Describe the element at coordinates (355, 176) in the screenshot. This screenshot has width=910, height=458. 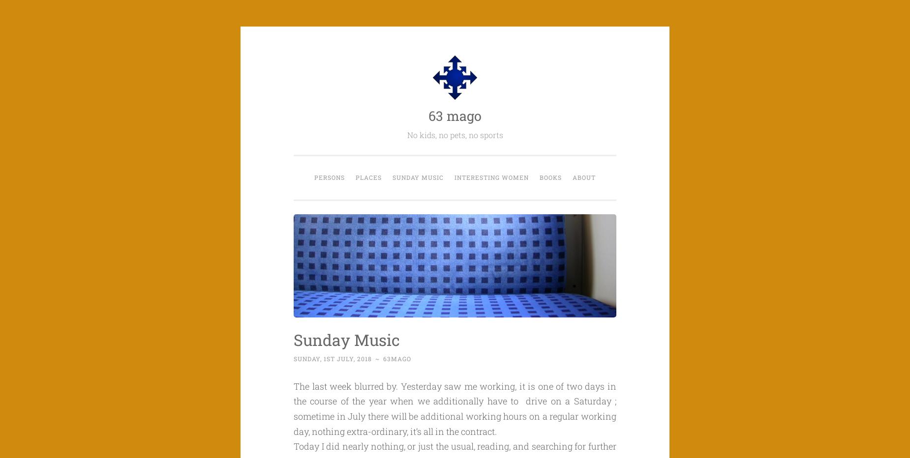
I see `'Places'` at that location.